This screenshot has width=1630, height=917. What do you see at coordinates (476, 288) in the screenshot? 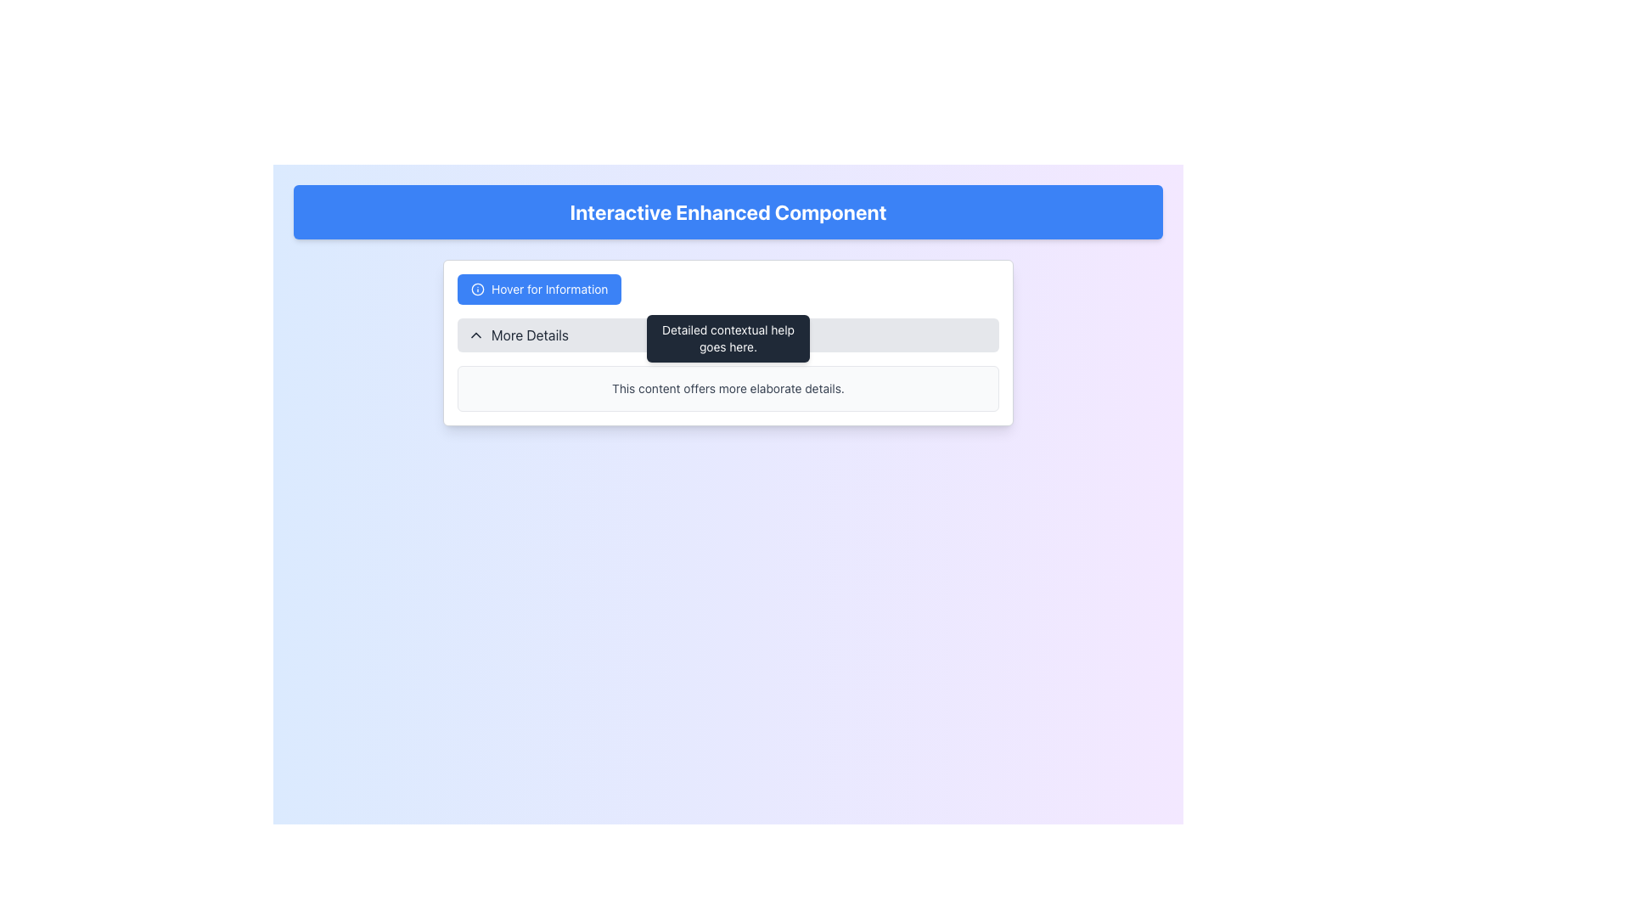
I see `the information icon located in the top-left corner of the 'Hover for Information' button` at bounding box center [476, 288].